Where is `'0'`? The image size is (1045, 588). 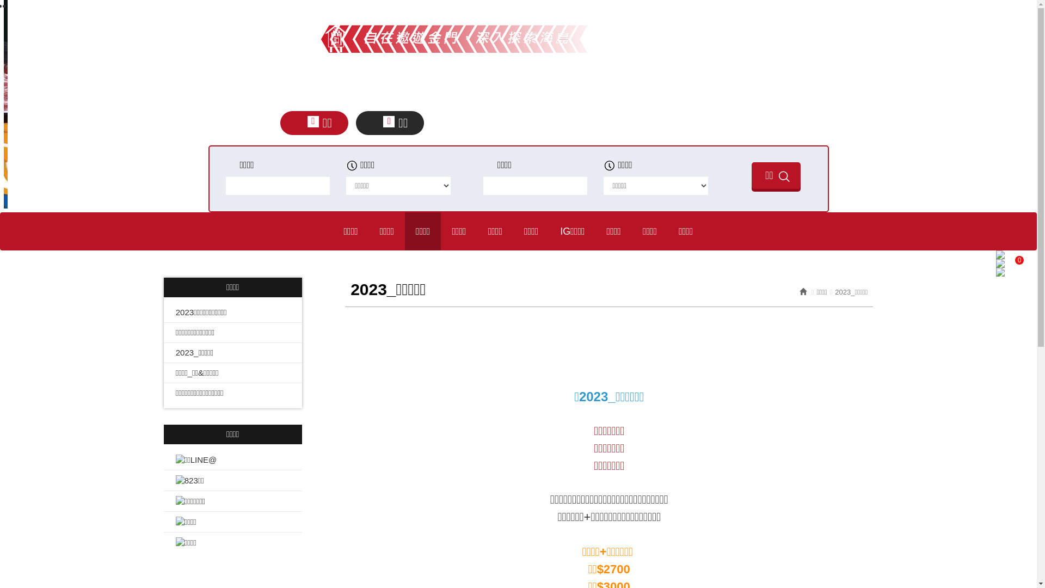 '0' is located at coordinates (1012, 254).